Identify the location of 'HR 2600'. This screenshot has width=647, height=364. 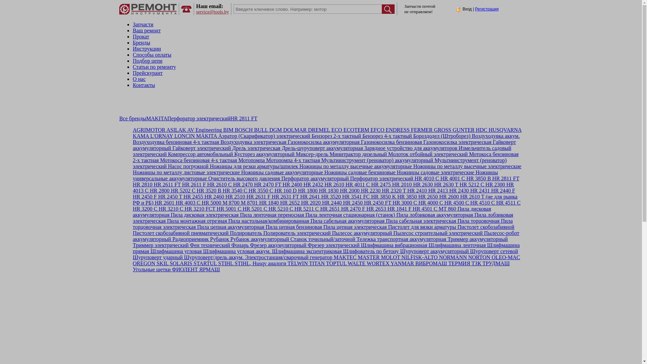
(448, 196).